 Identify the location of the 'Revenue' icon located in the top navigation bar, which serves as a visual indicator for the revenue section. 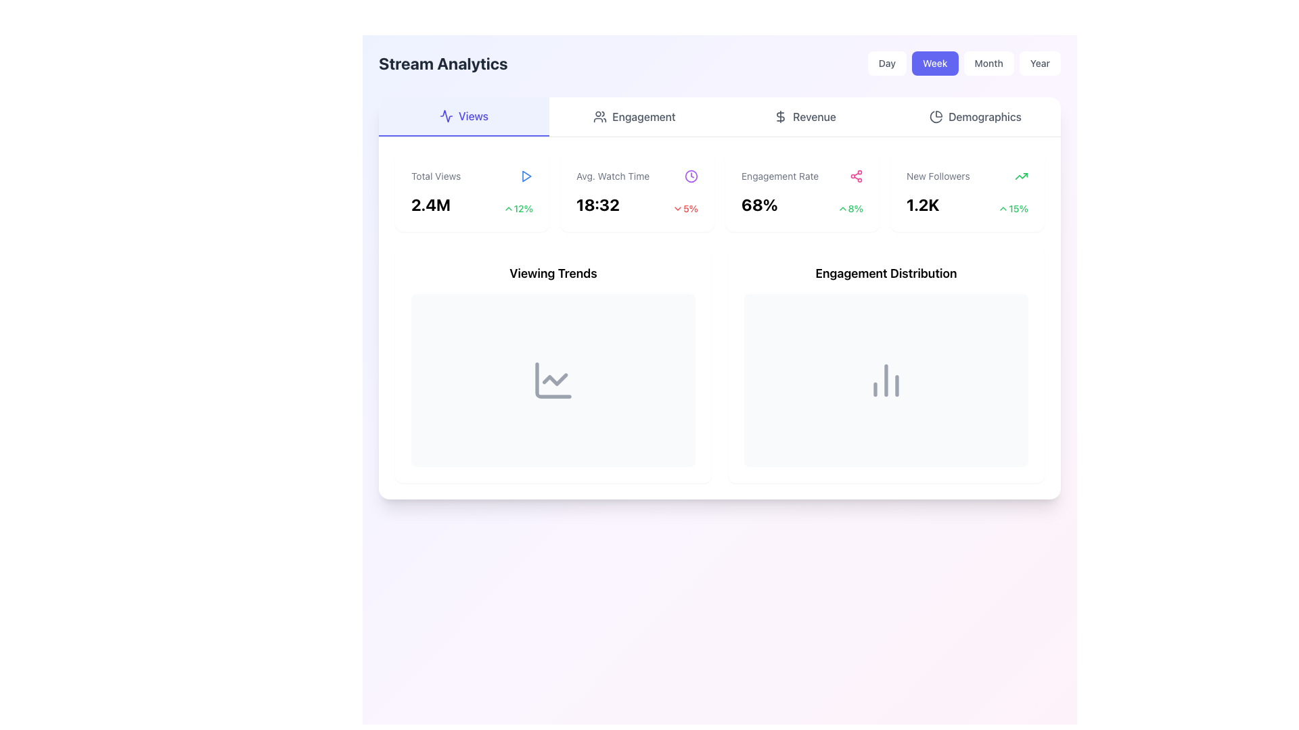
(781, 116).